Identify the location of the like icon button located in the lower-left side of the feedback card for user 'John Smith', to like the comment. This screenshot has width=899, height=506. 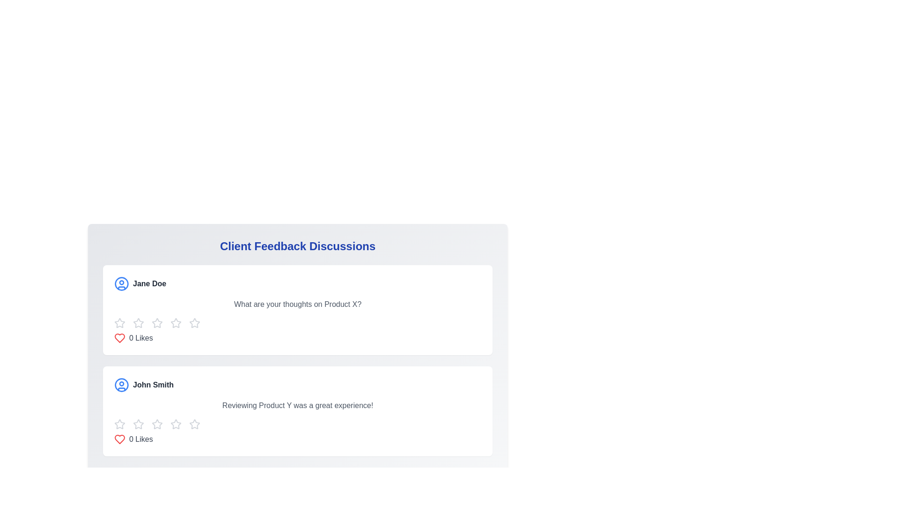
(119, 439).